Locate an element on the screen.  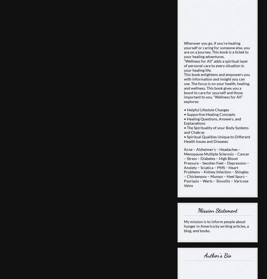
'Author’s Bio' is located at coordinates (217, 255).